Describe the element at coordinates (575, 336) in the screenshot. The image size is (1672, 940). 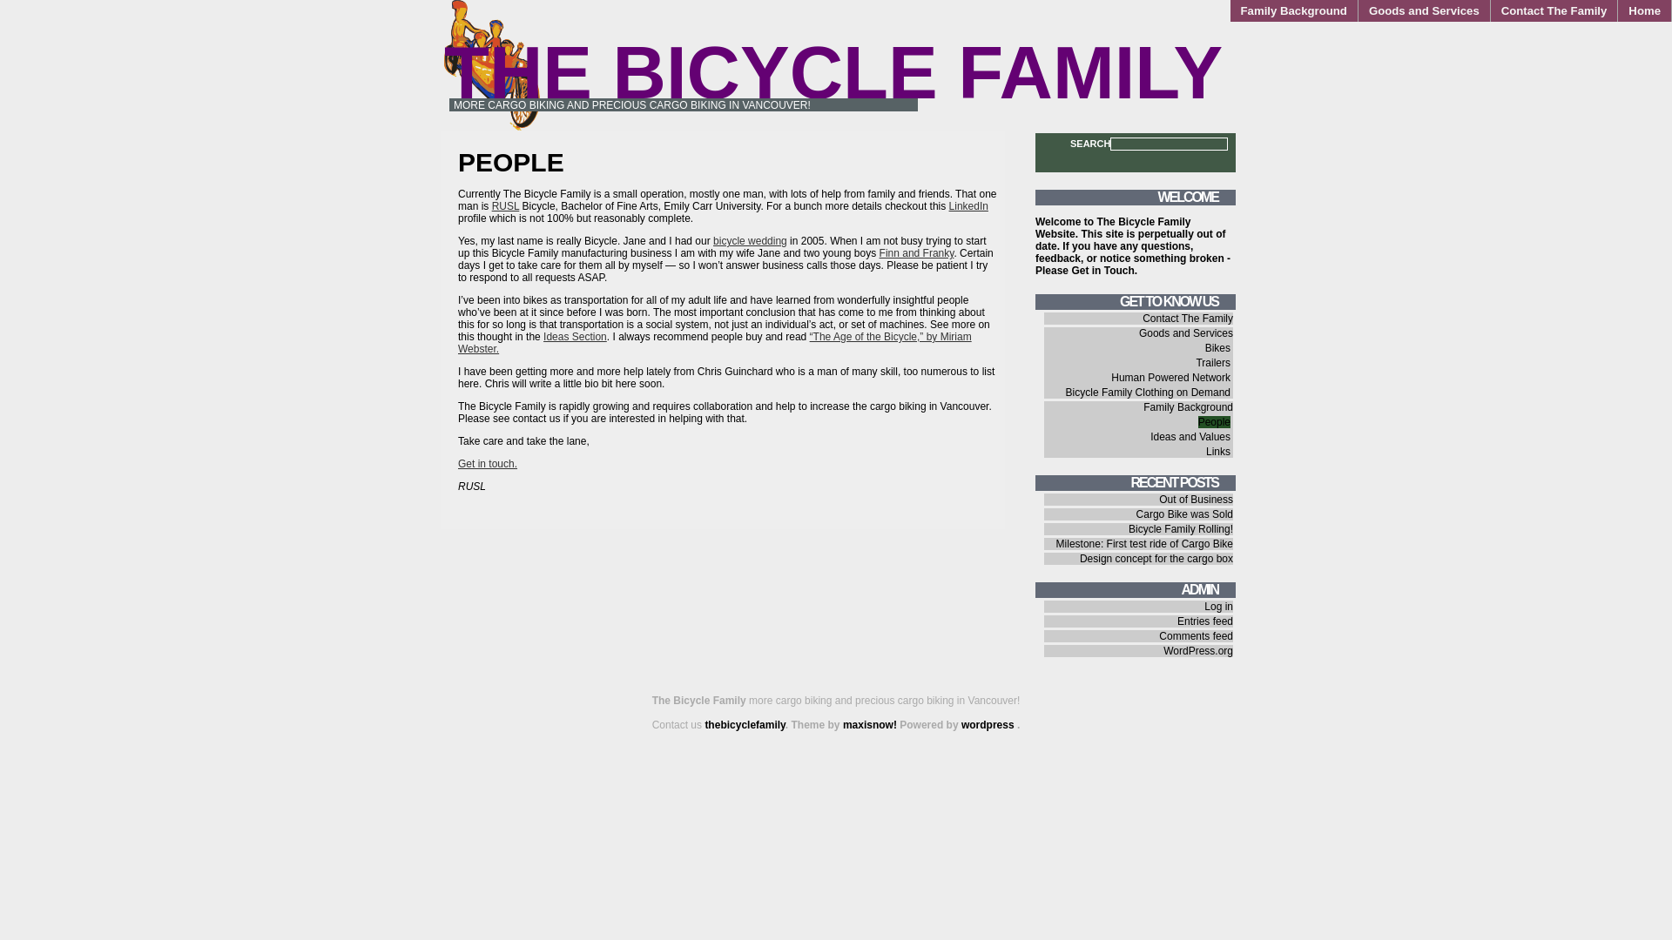
I see `'Ideas Section'` at that location.